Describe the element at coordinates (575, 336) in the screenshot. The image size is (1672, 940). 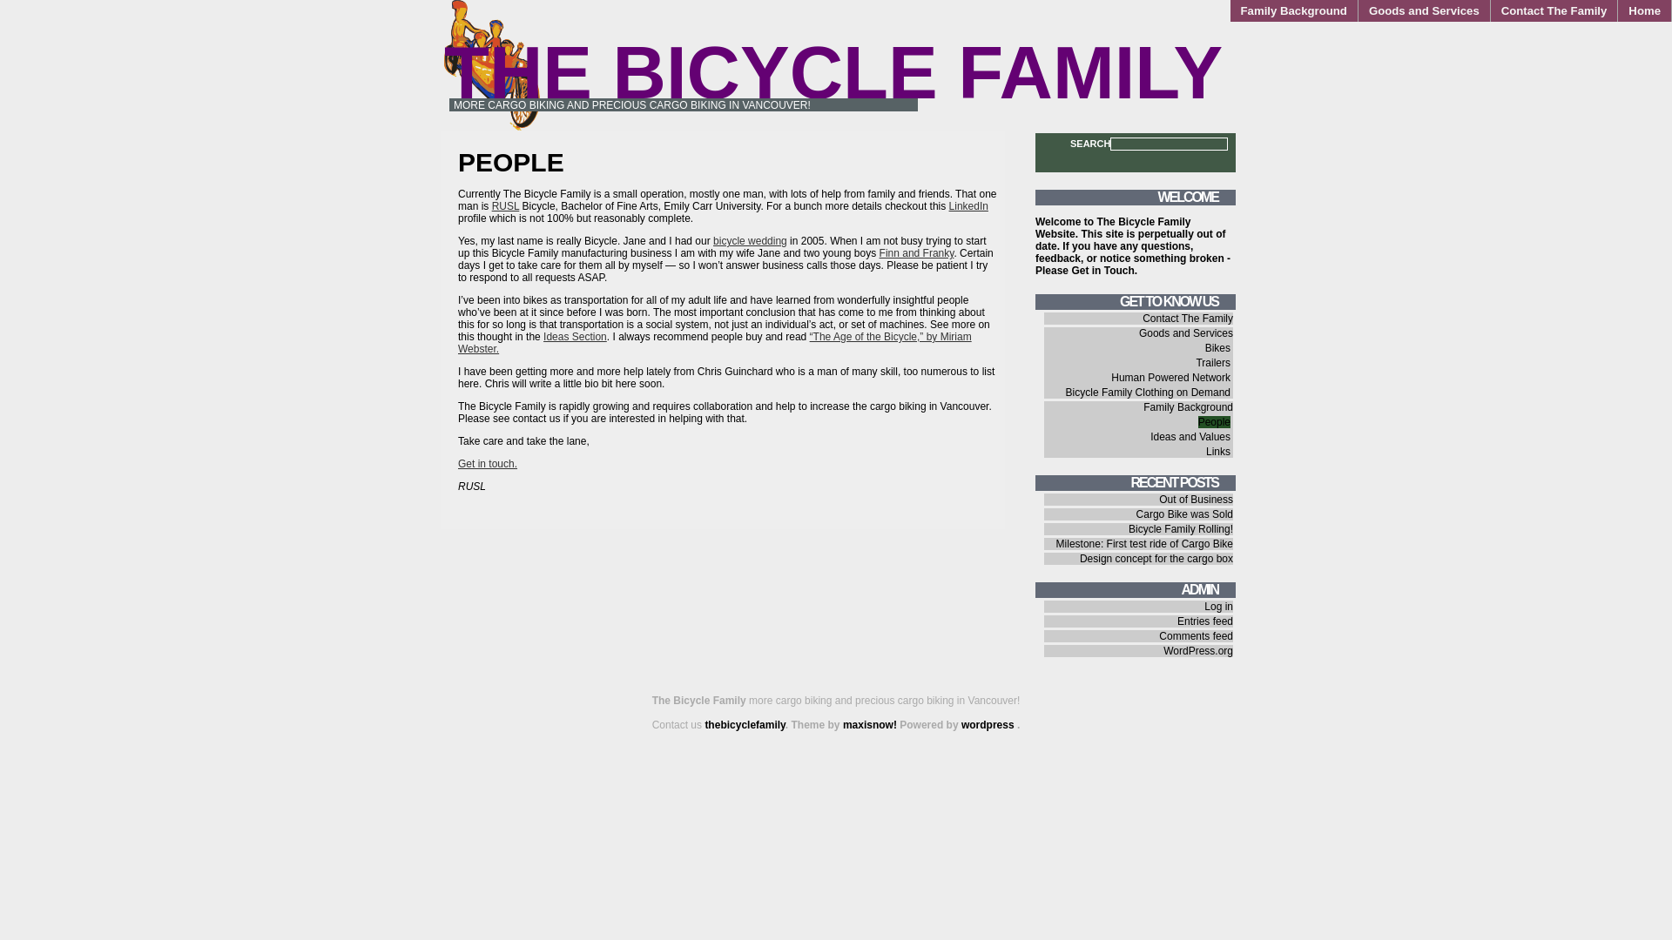
I see `'Ideas Section'` at that location.